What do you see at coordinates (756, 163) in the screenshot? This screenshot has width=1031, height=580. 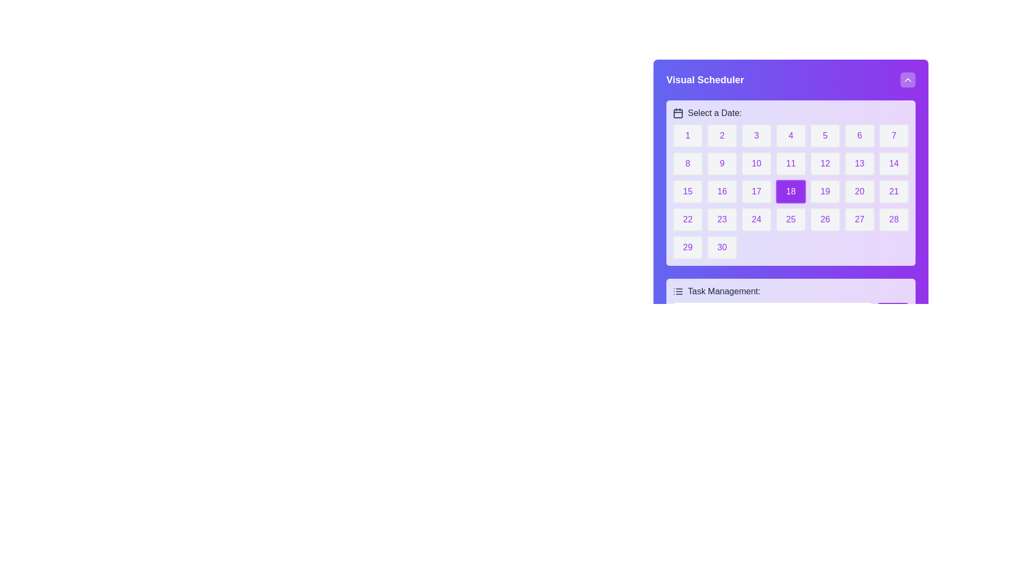 I see `the button representing the 10th day in the calendar grid` at bounding box center [756, 163].